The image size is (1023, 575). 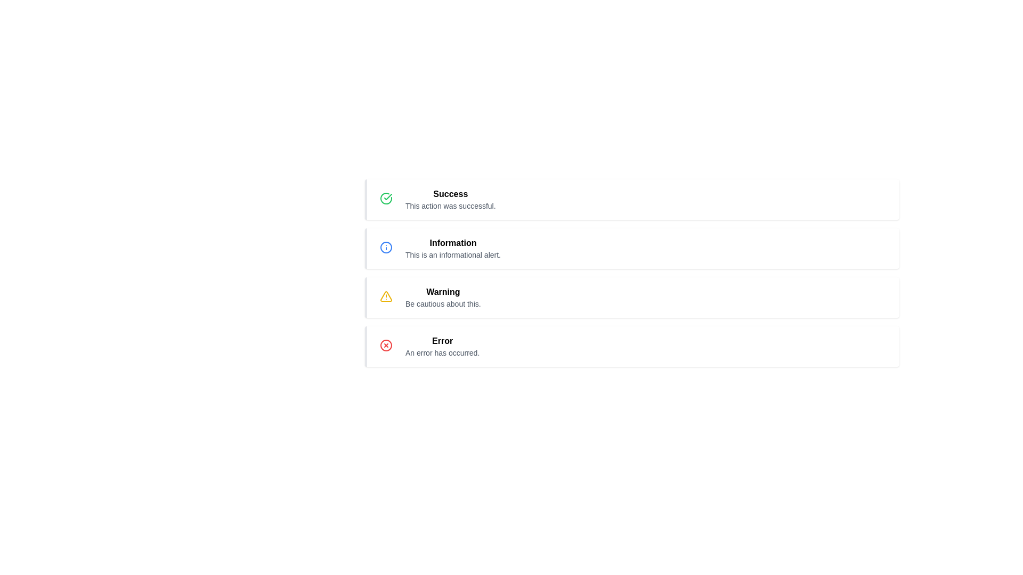 What do you see at coordinates (450, 194) in the screenshot?
I see `the 'Success' title text label located at the top of the notification card` at bounding box center [450, 194].